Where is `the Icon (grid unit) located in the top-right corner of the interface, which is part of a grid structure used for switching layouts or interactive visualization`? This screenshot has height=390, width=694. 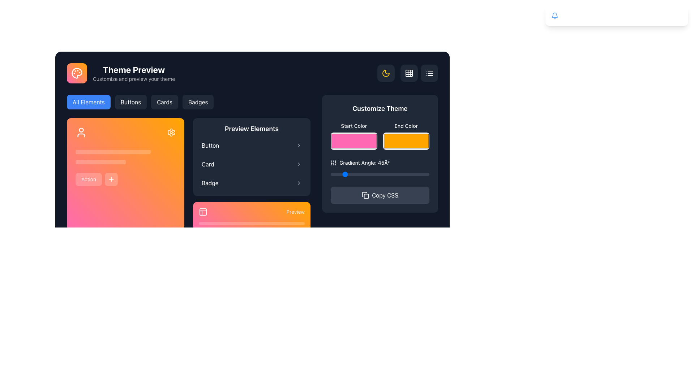 the Icon (grid unit) located in the top-right corner of the interface, which is part of a grid structure used for switching layouts or interactive visualization is located at coordinates (409, 73).